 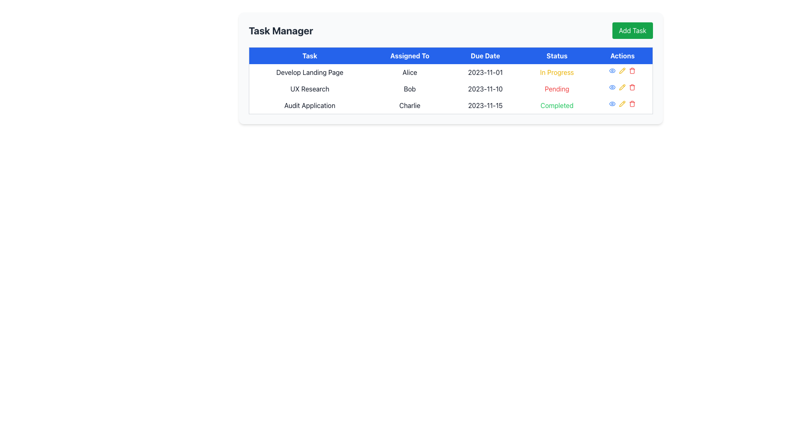 What do you see at coordinates (485, 55) in the screenshot?
I see `the 'Due Date' column header in the table, which is the third element in the header row labeled 'Task', 'Assigned To', 'Due Date', 'Status', and 'Actions'` at bounding box center [485, 55].